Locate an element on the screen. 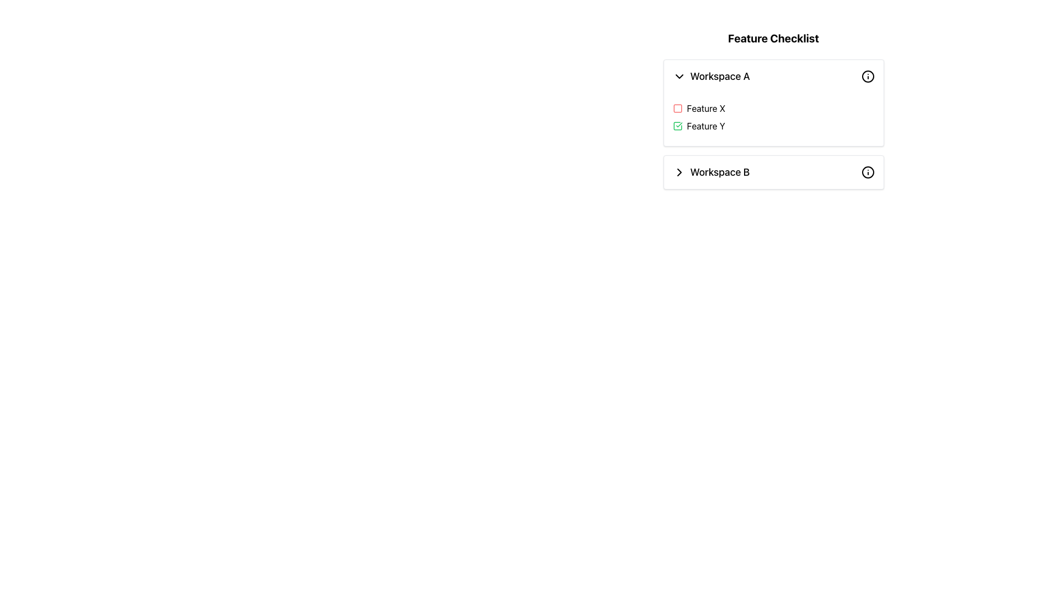 This screenshot has width=1059, height=595. the chevron icon located to the far right of the Workspace B entry in the Feature Checklist area, which indicates that it is clickable to expand or navigate to details related to Workspace B is located at coordinates (678, 172).